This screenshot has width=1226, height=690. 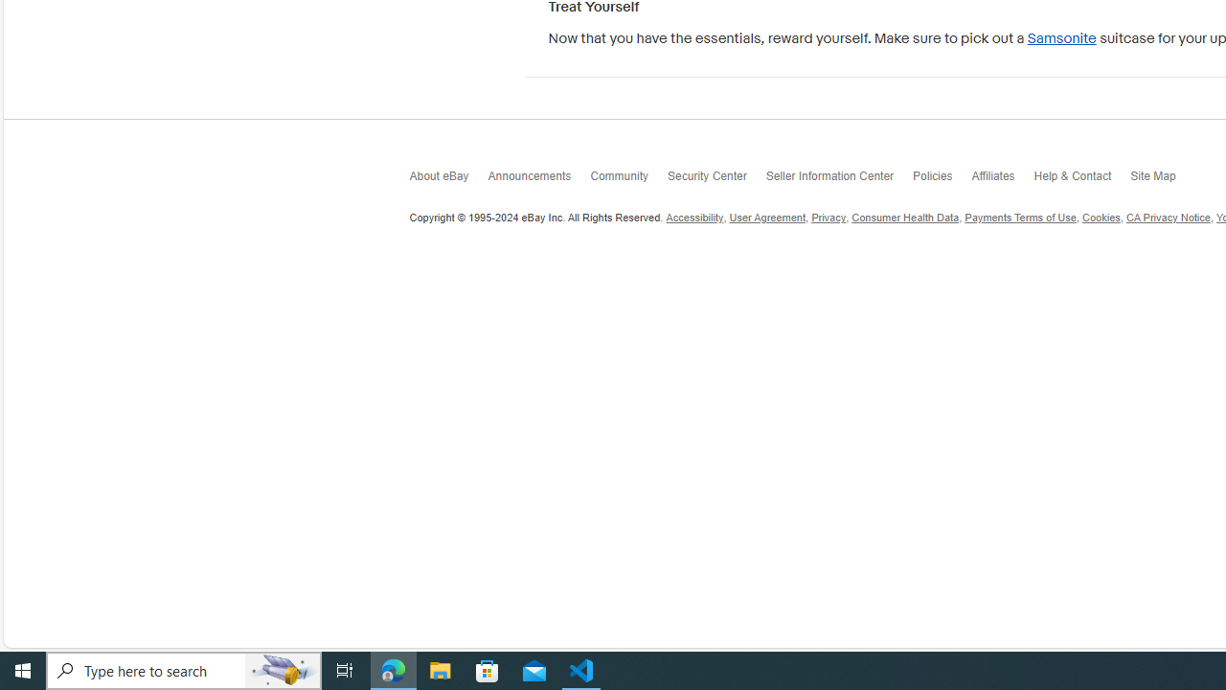 I want to click on 'User Agreement', so click(x=767, y=217).